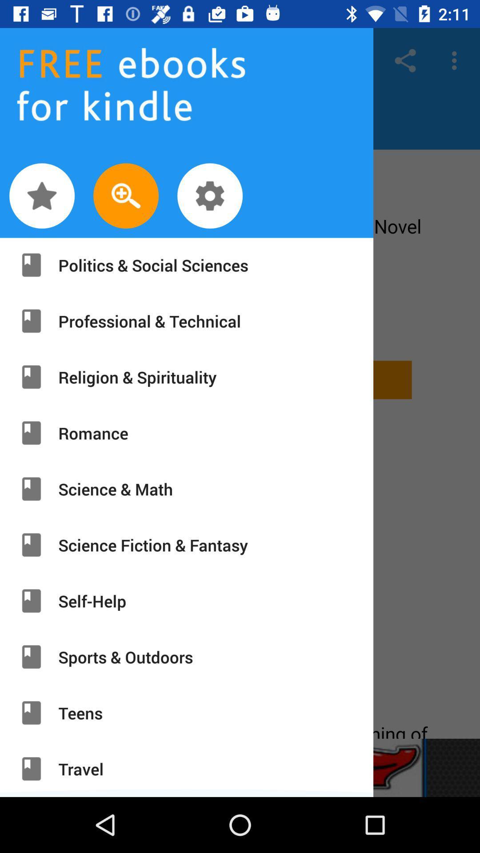 This screenshot has width=480, height=853. I want to click on the symbol beside share in the top right corner, so click(456, 60).